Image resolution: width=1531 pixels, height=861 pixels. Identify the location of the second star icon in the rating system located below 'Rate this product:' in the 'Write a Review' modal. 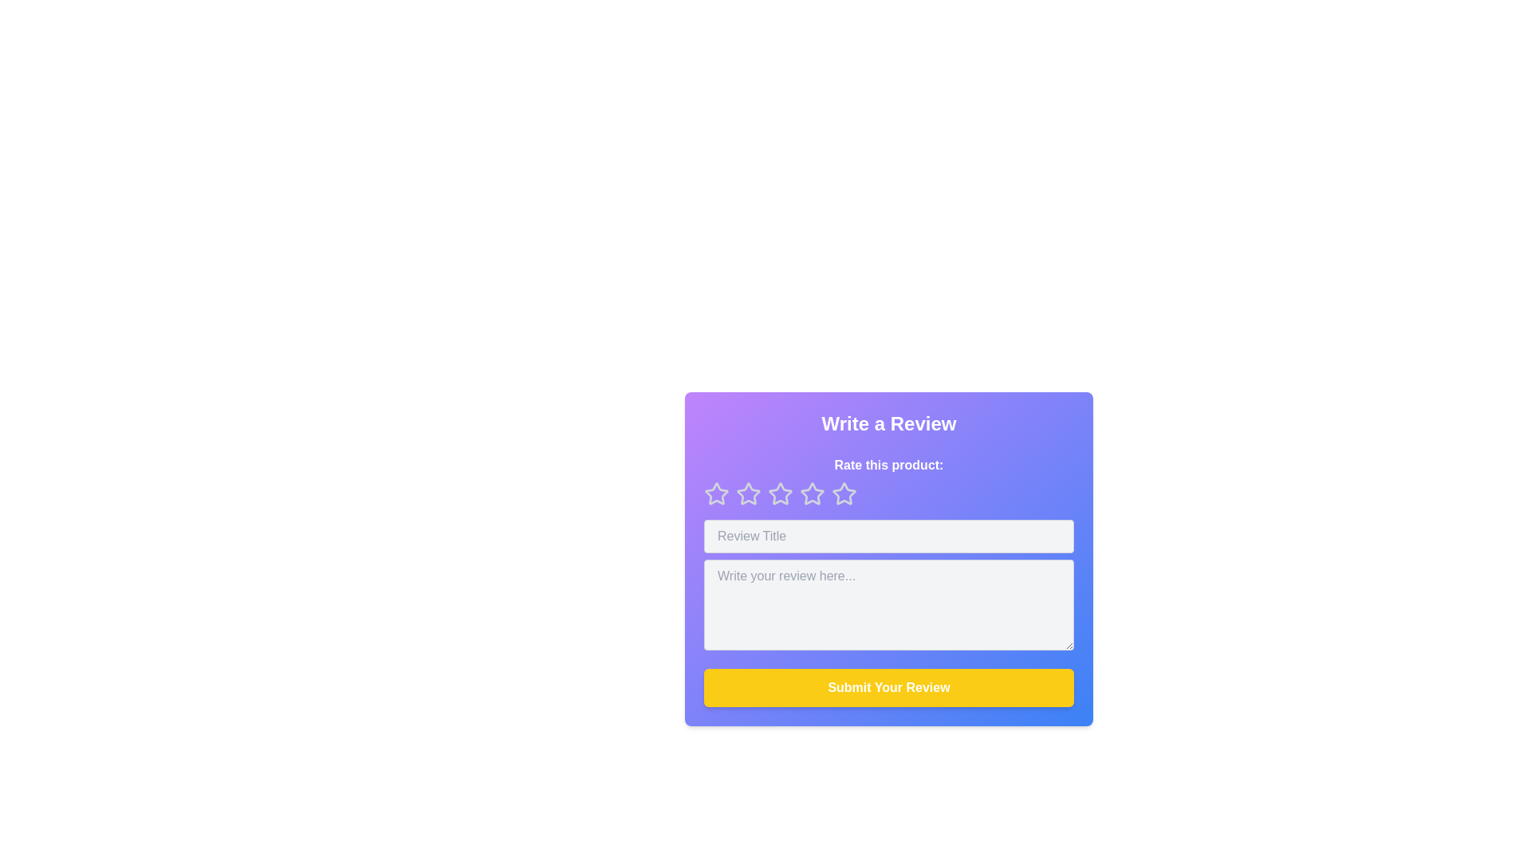
(781, 493).